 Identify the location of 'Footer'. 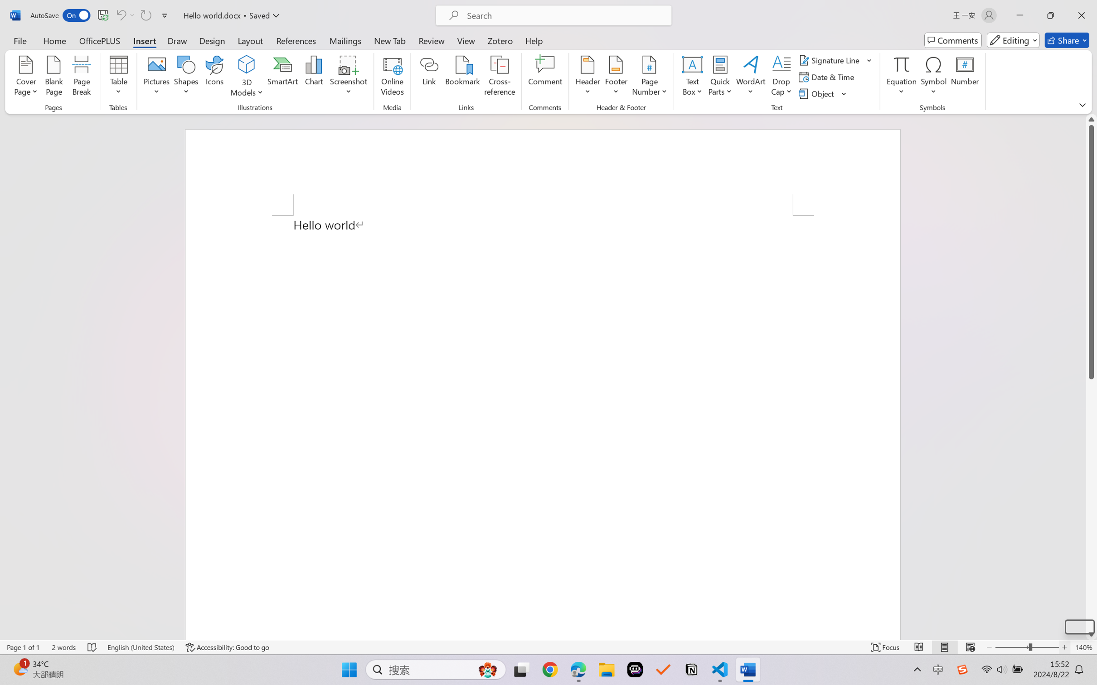
(616, 77).